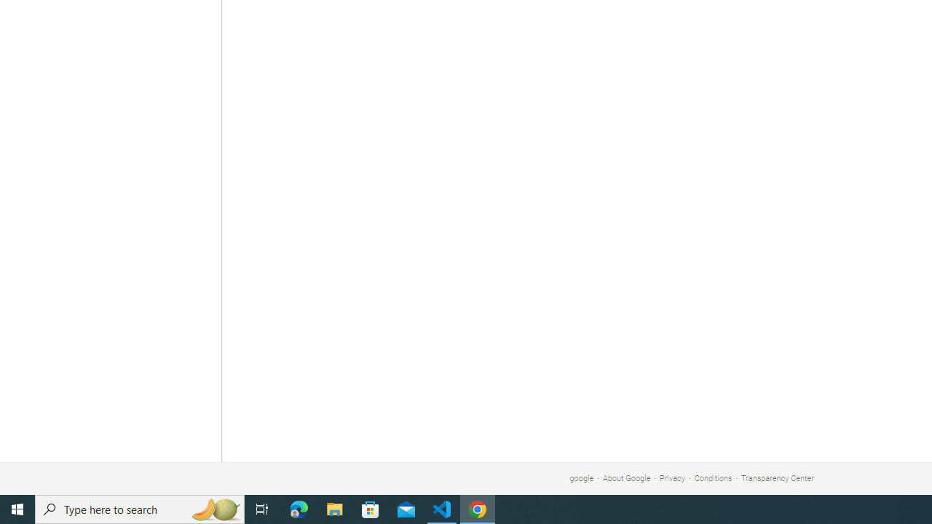  I want to click on 'Conditions', so click(713, 478).